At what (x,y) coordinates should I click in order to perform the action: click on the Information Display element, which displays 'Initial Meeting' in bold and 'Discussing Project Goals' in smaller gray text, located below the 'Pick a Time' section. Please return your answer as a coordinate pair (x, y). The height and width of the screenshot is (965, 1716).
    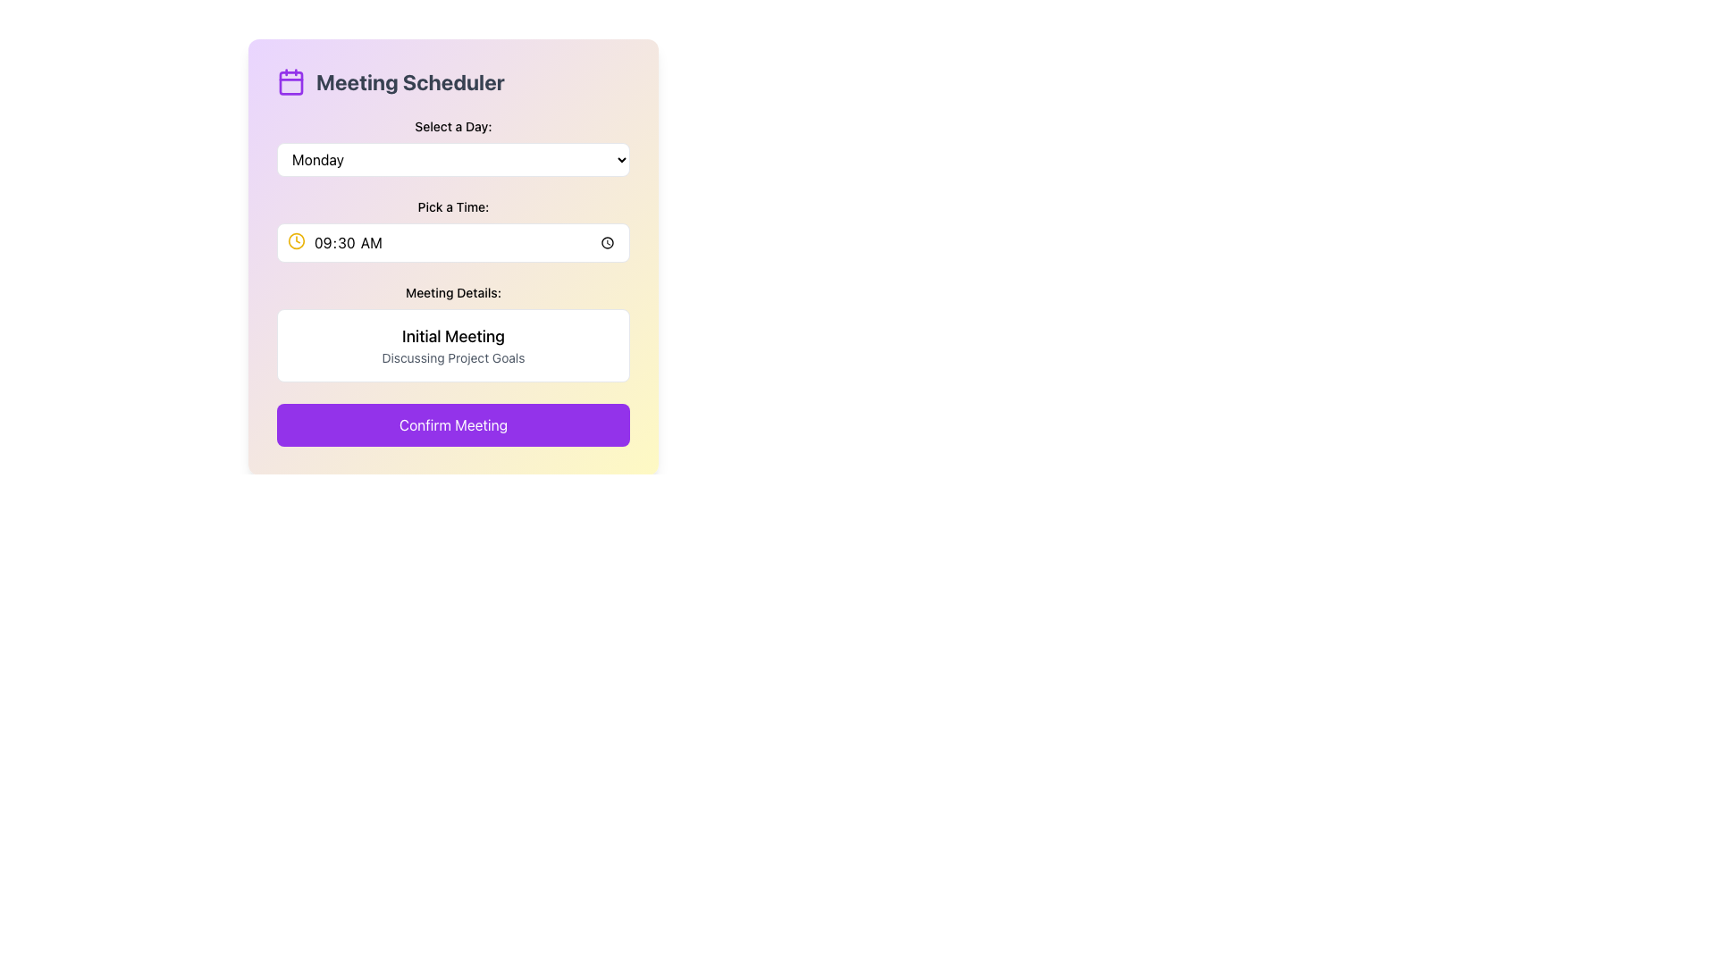
    Looking at the image, I should click on (453, 333).